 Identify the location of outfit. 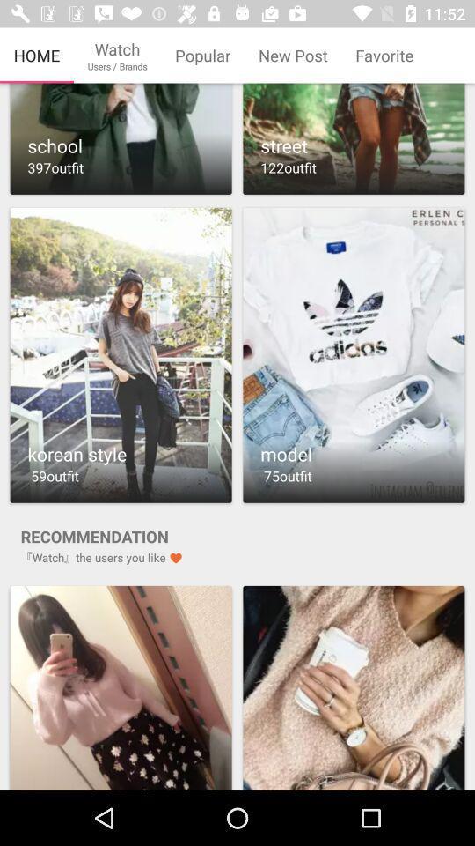
(120, 354).